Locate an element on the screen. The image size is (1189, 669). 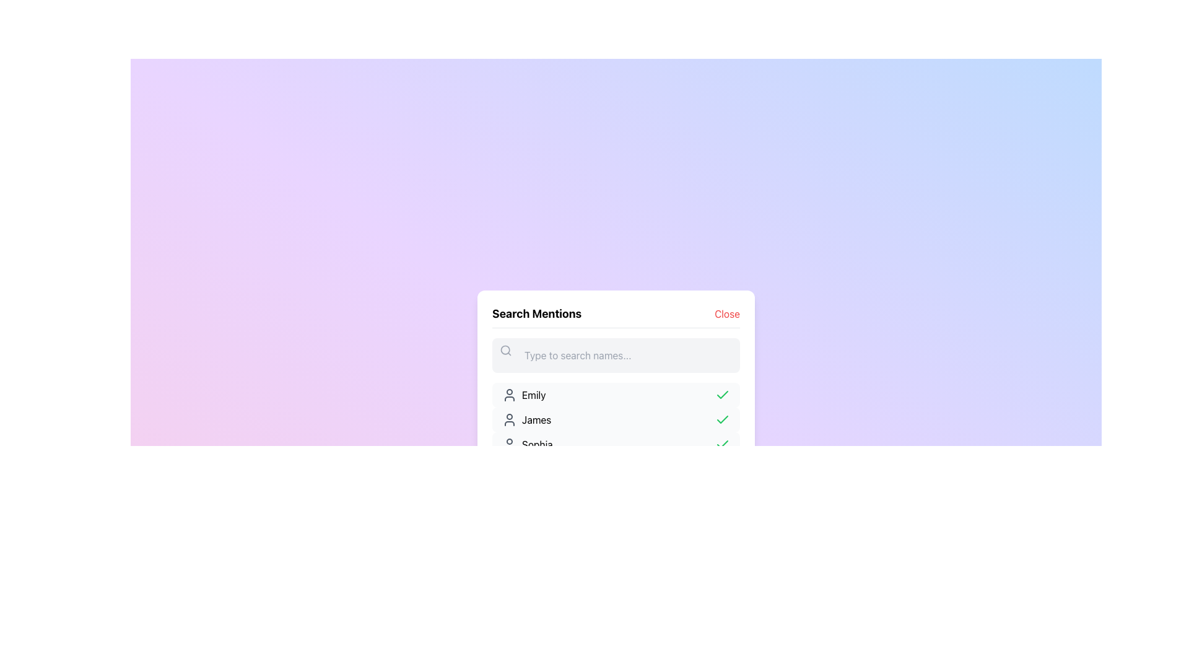
the first list item representing the user profile 'Emily' in the pop-up modal is located at coordinates (616, 395).